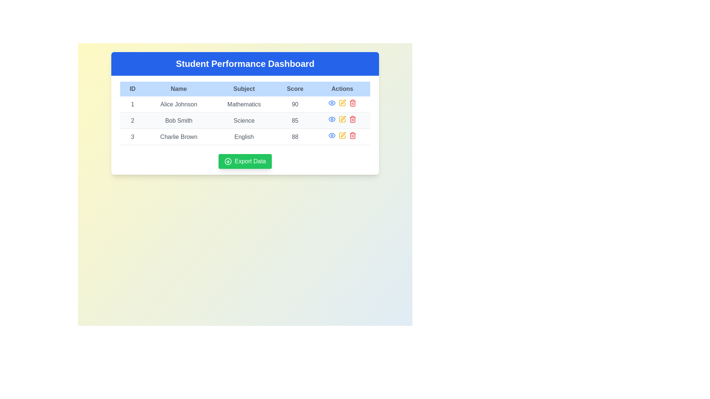 This screenshot has width=710, height=399. What do you see at coordinates (245, 137) in the screenshot?
I see `the third row in the student performance table, which displays the values '3', 'Charlie Brown', 'English', and '88'` at bounding box center [245, 137].